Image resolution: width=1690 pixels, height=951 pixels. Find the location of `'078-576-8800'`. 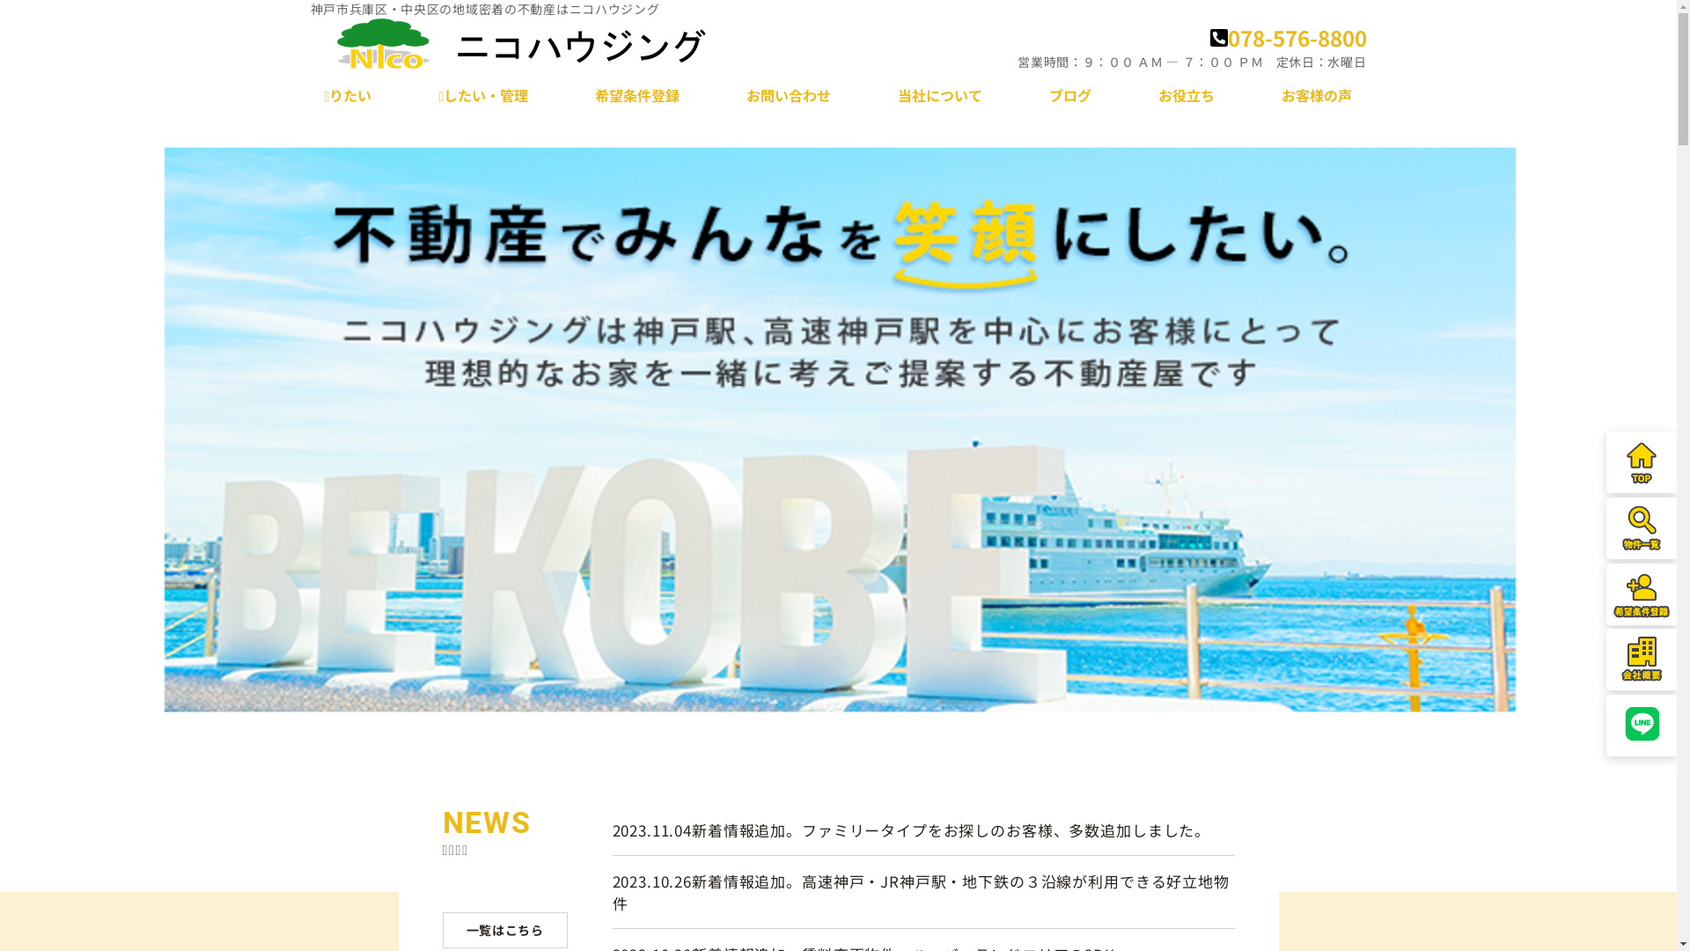

'078-576-8800' is located at coordinates (1208, 37).